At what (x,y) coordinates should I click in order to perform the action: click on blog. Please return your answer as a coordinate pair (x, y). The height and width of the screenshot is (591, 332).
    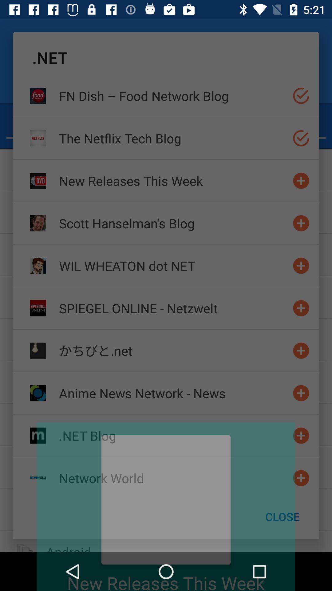
    Looking at the image, I should click on (301, 435).